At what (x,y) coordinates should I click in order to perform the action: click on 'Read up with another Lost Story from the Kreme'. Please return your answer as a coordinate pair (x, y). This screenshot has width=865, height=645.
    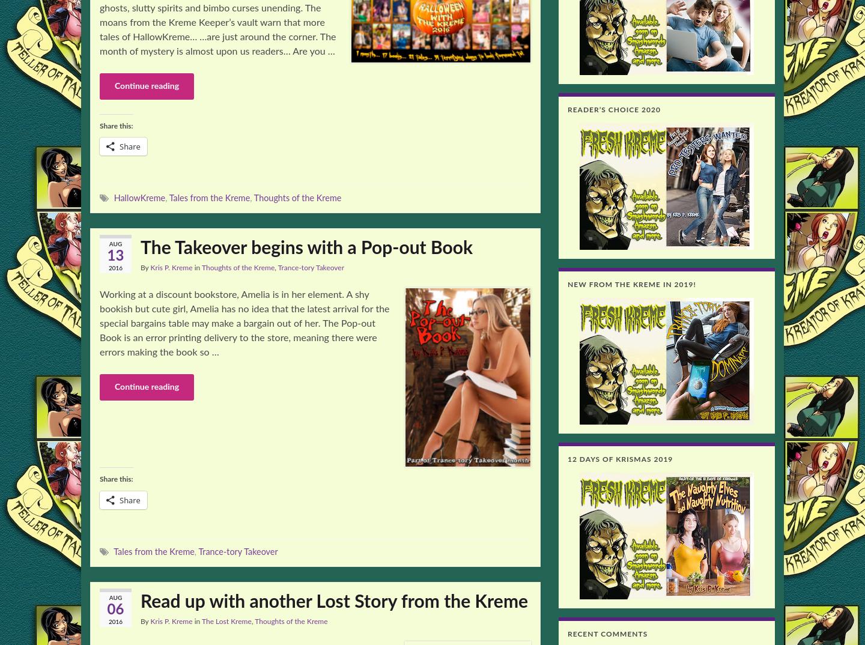
    Looking at the image, I should click on (334, 601).